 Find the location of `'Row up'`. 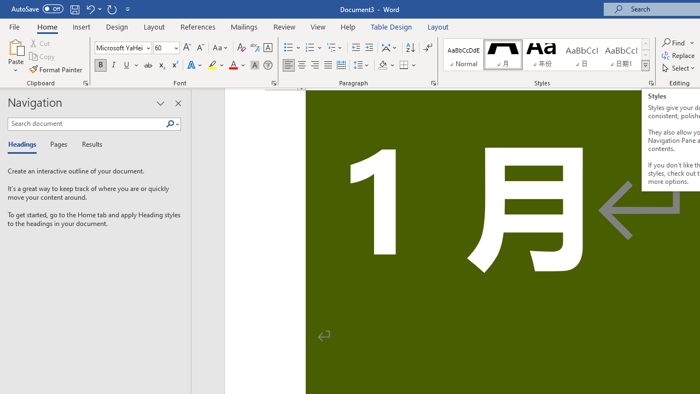

'Row up' is located at coordinates (645, 43).